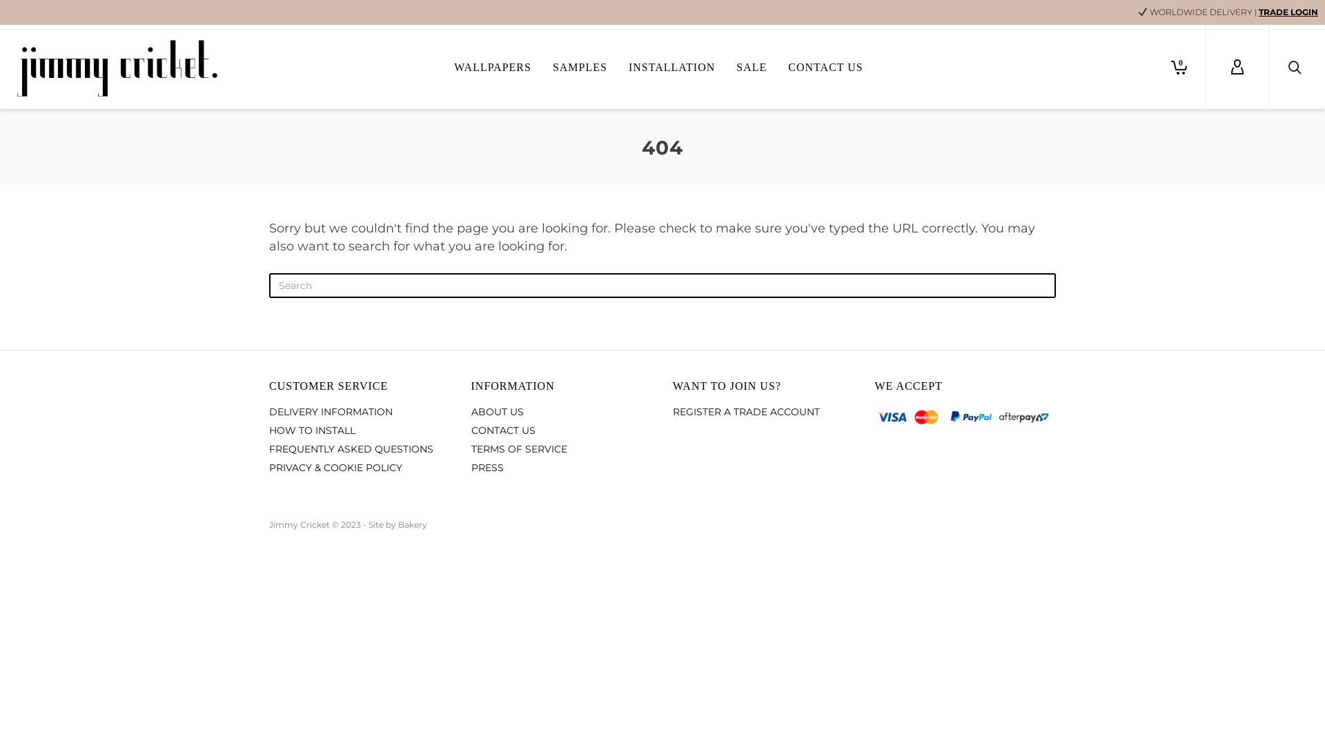  I want to click on 'TRADE LOGIN', so click(1288, 12).